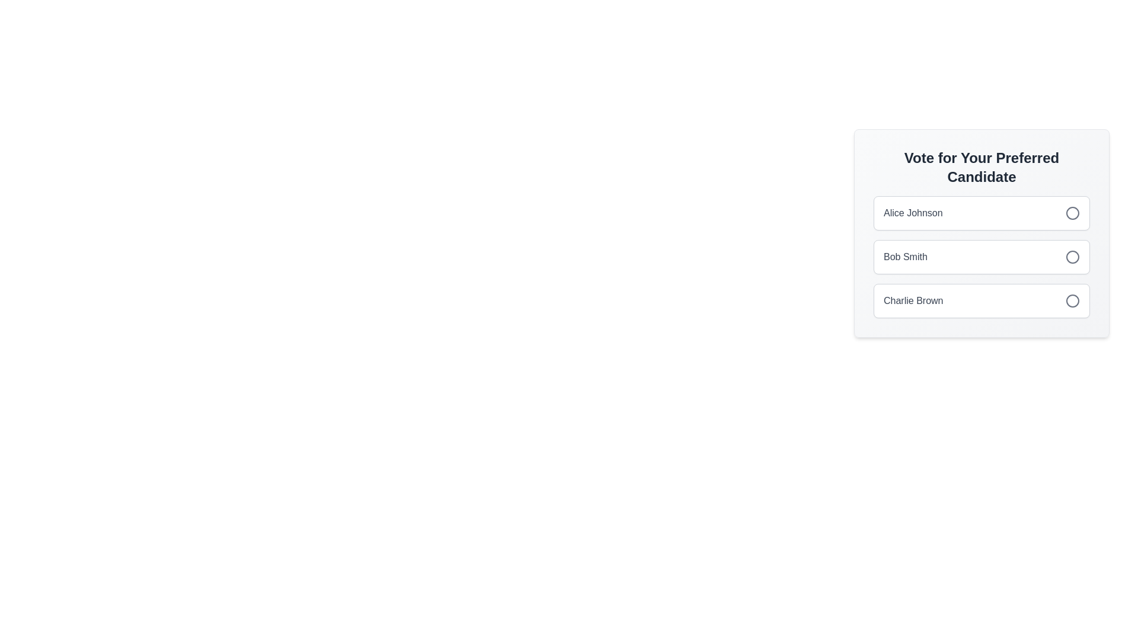 This screenshot has width=1138, height=640. What do you see at coordinates (982, 167) in the screenshot?
I see `the header text 'Vote for Your Preferred Candidate' which is centrally aligned and styled with a bold font in dark gray, located at the top of a bordered, rounded rectangular section` at bounding box center [982, 167].